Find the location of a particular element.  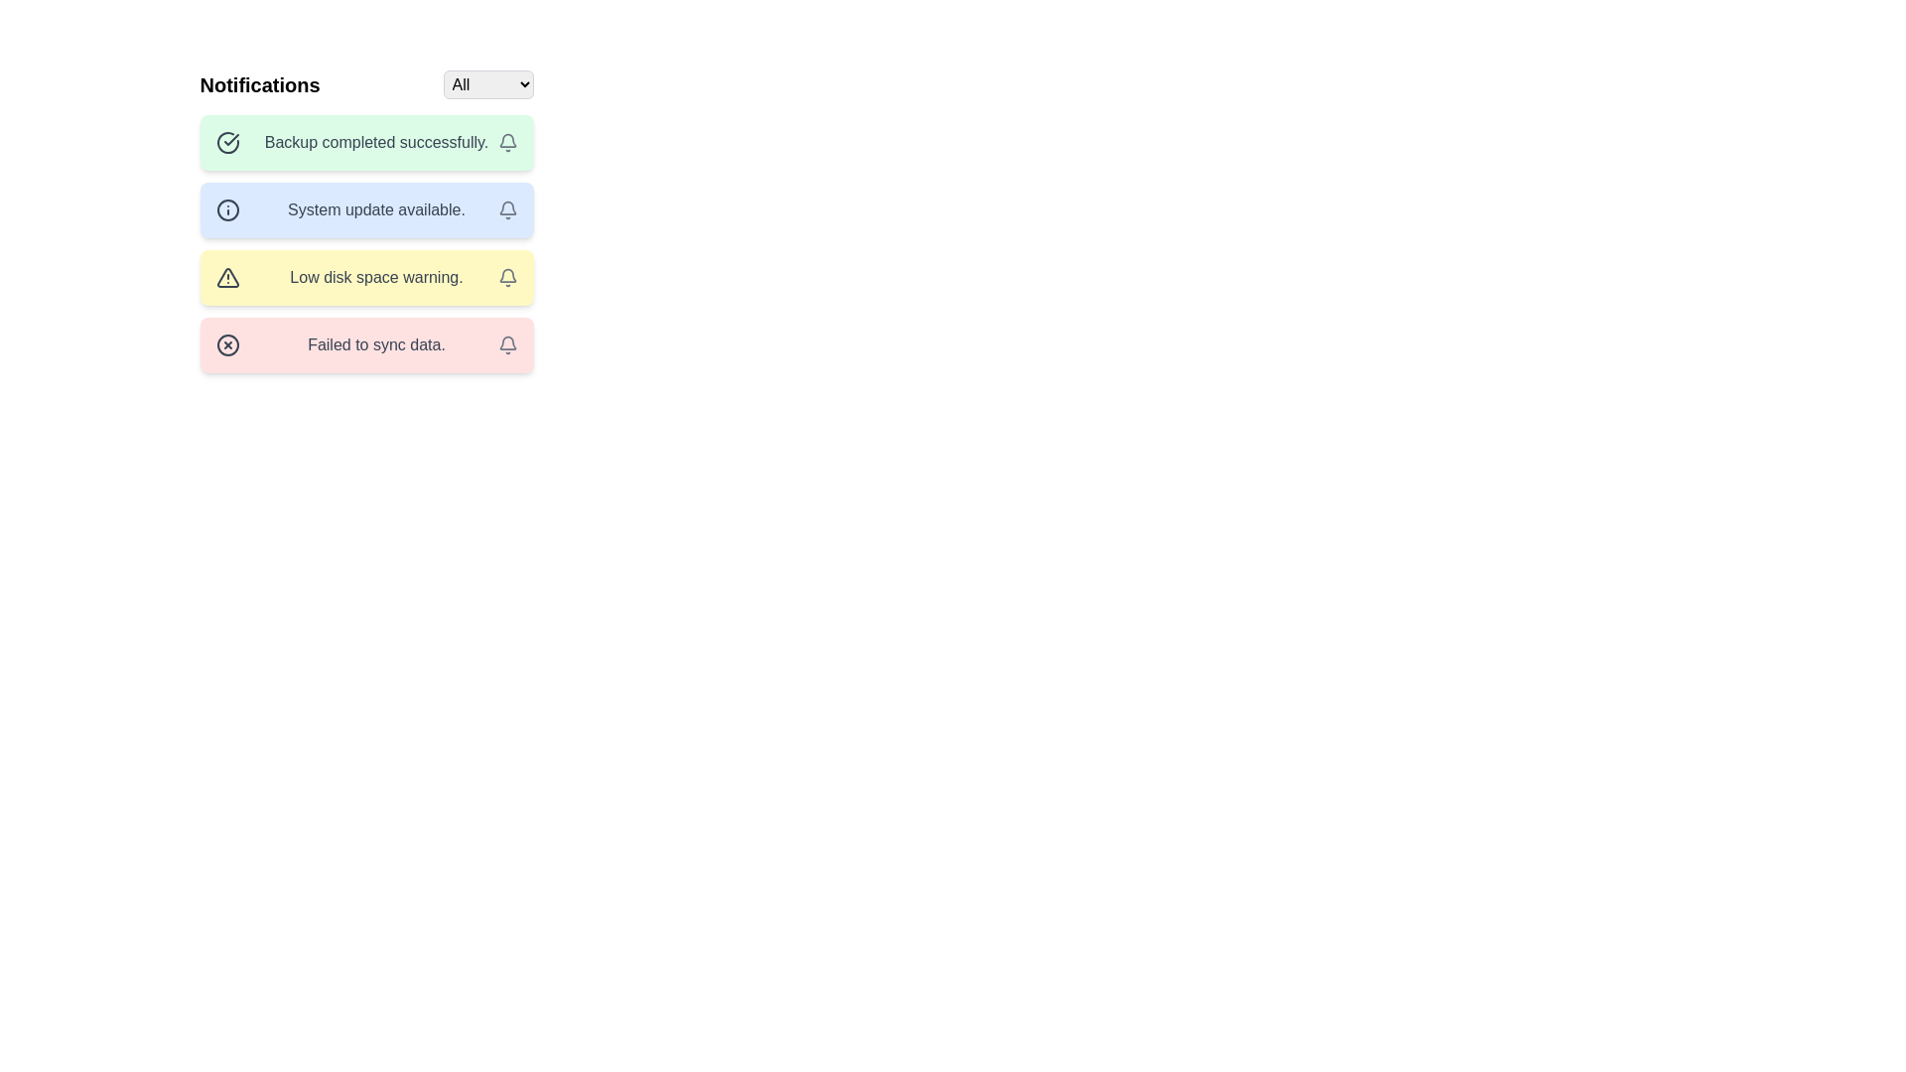

notification text from the second alert in the stacked list of notifications, which is positioned between 'Backup completed successfully.' and 'Low disk space warning.' is located at coordinates (366, 210).